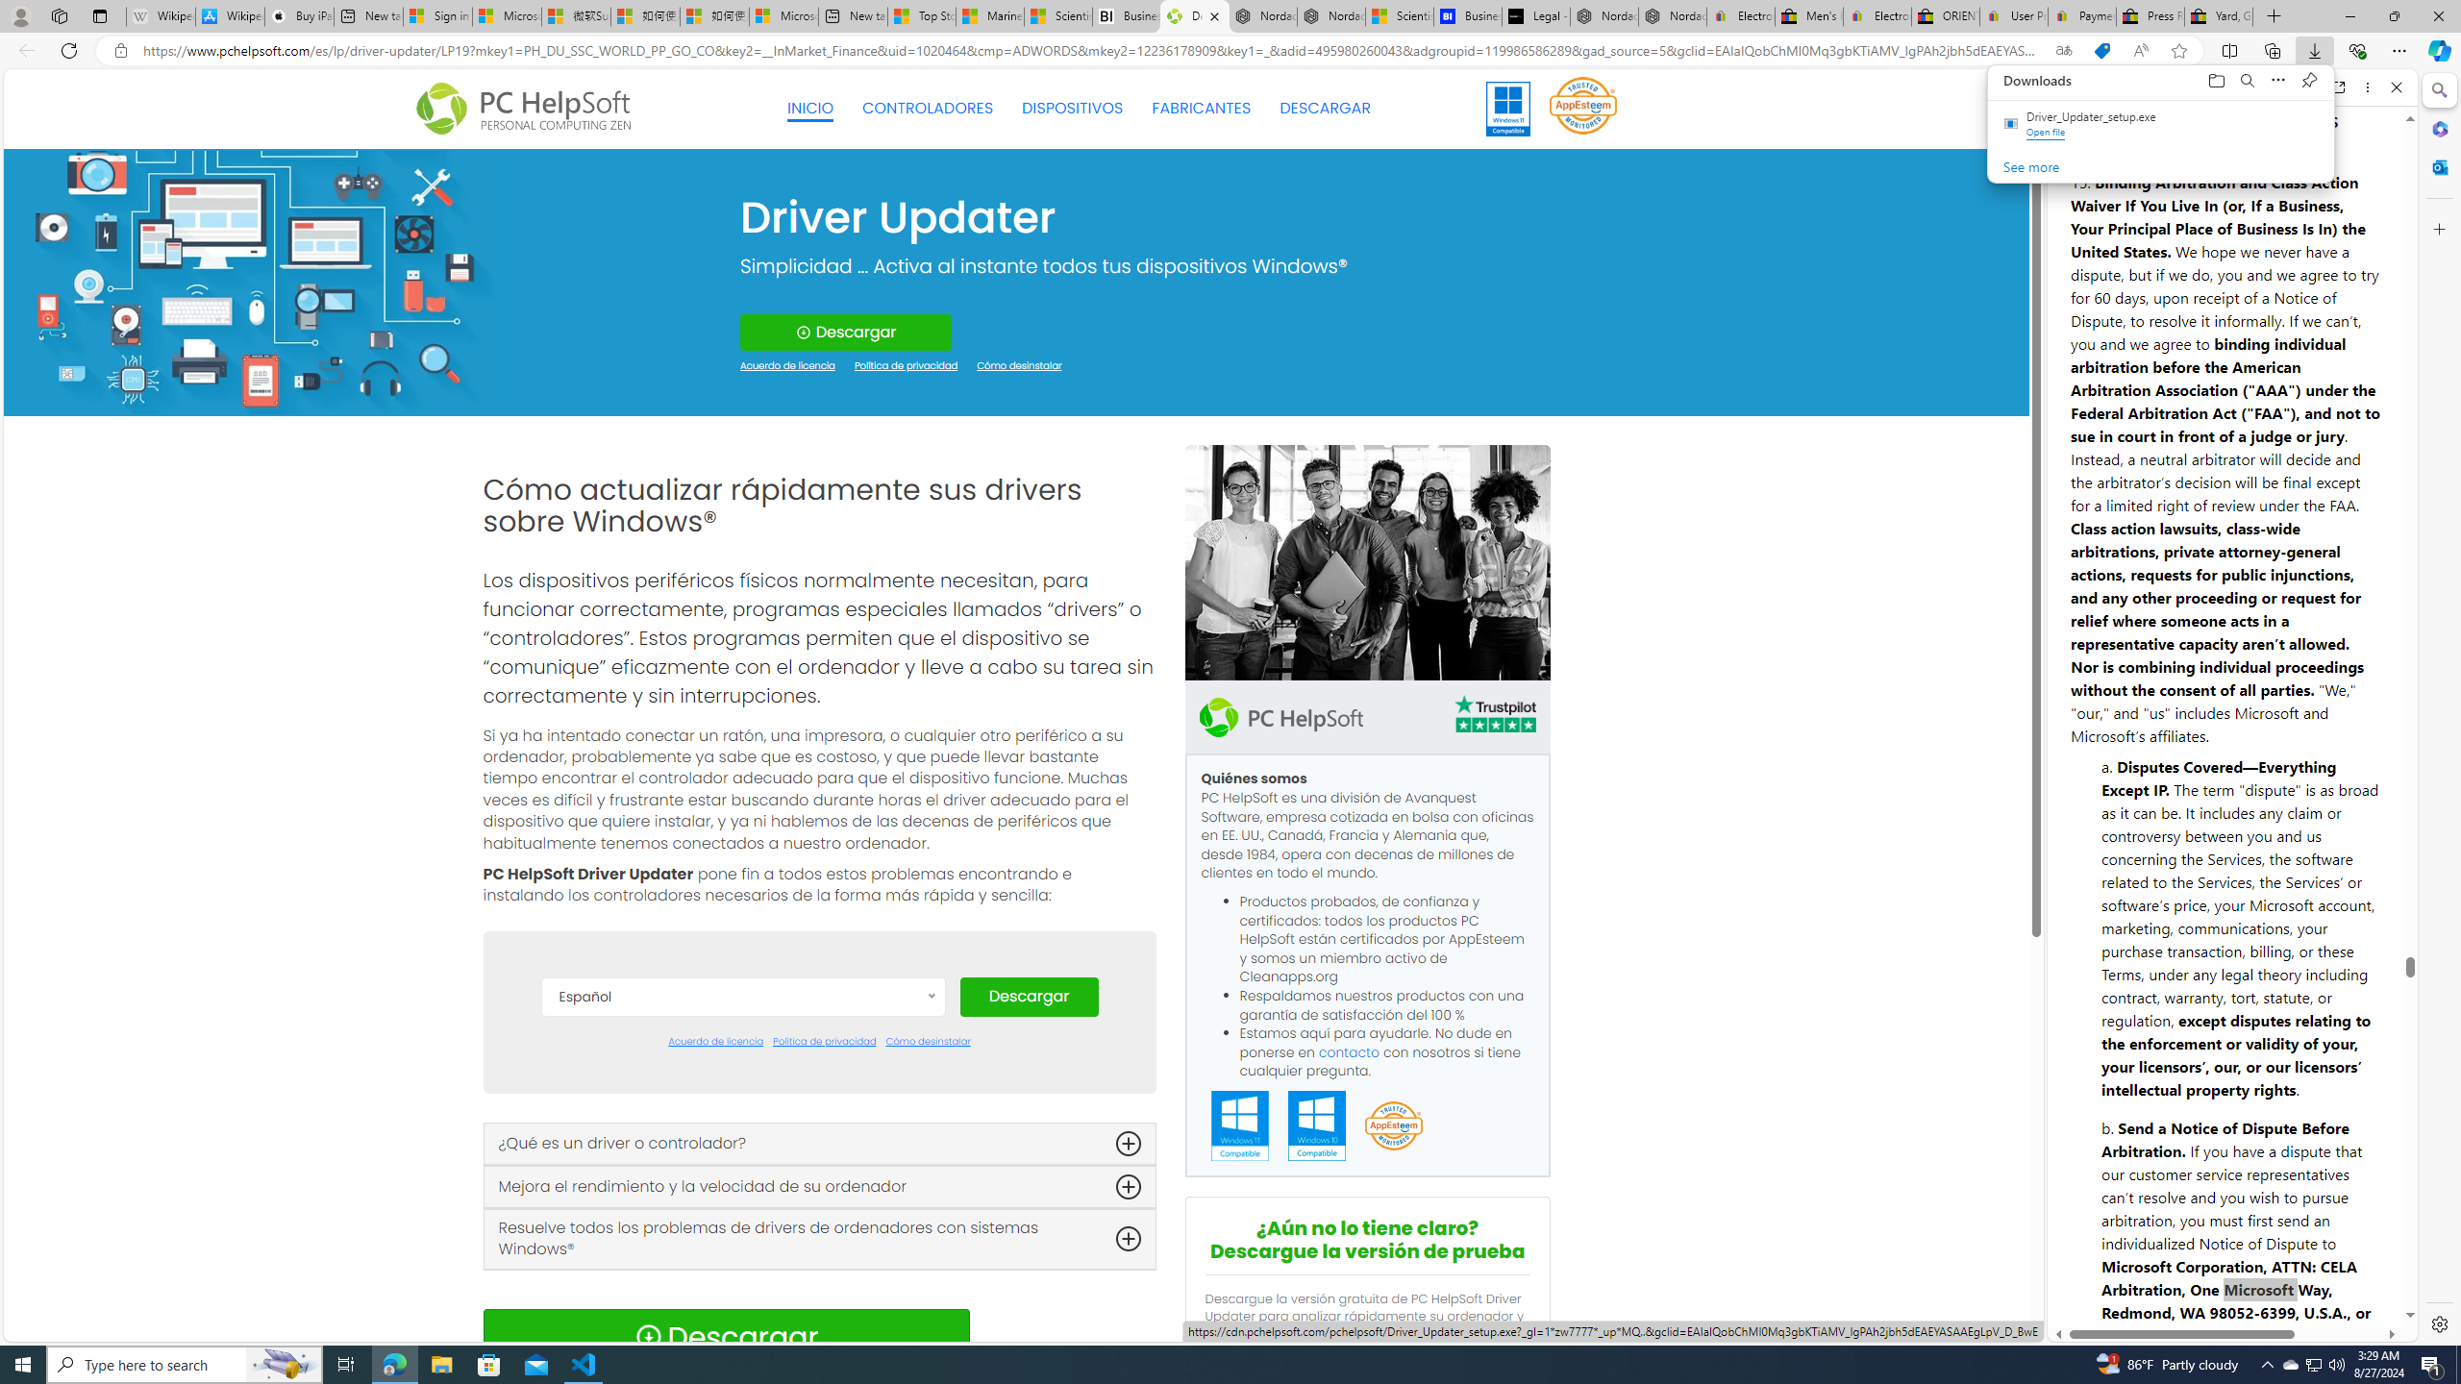 The height and width of the screenshot is (1384, 2461). Describe the element at coordinates (2080, 15) in the screenshot. I see `'Payments Terms of Use | eBay.com'` at that location.